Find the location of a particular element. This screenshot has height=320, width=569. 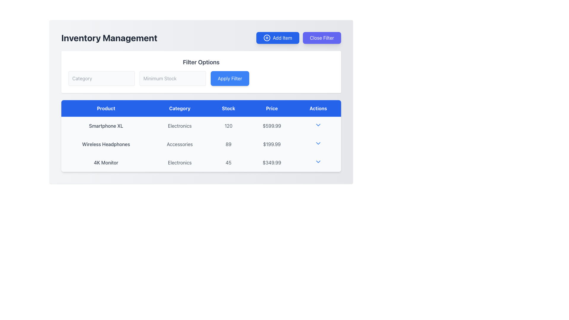

the second row of the table displaying details about 'Wireless Headphones' is located at coordinates (201, 144).